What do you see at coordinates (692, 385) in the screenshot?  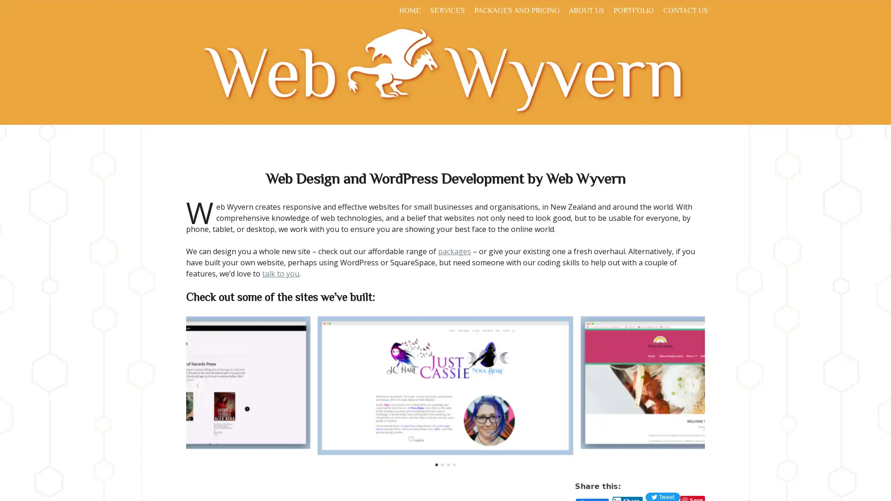 I see `Next slide` at bounding box center [692, 385].